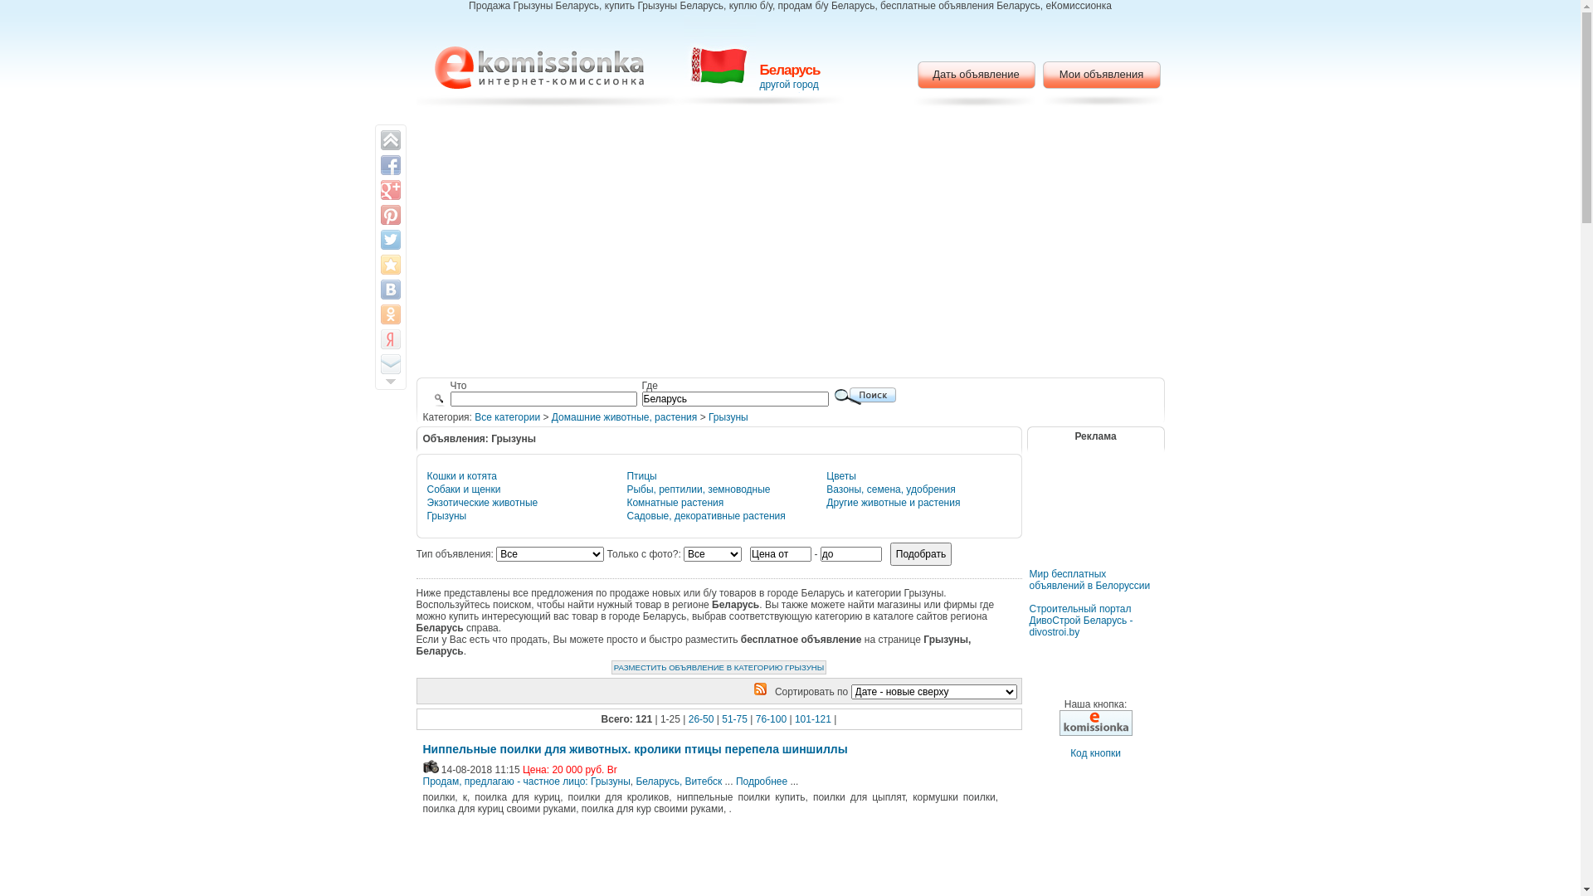 The image size is (1593, 896). I want to click on 'Save to Browser Favorites', so click(389, 264).